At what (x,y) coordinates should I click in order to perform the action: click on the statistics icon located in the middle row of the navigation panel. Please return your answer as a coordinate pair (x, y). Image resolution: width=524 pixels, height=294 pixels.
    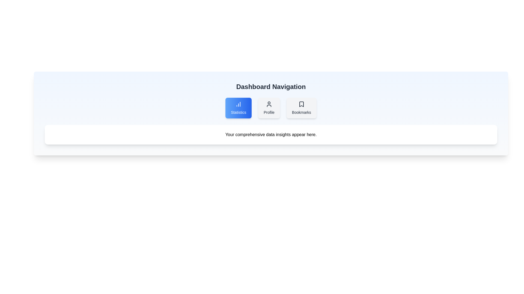
    Looking at the image, I should click on (239, 104).